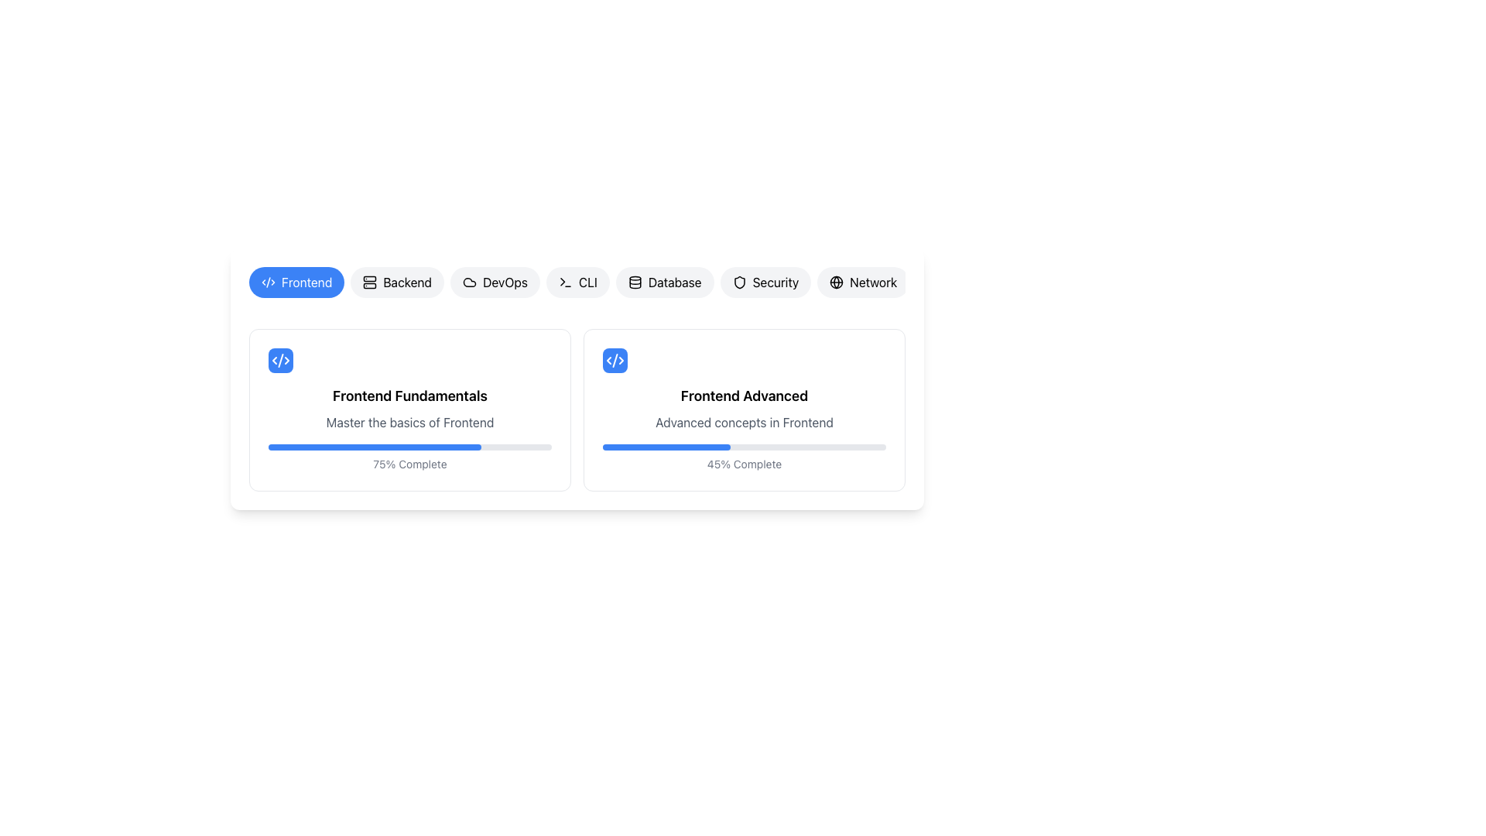  I want to click on the static text label located beneath the bold title 'Frontend Advanced' in the second card of the section, so click(744, 423).